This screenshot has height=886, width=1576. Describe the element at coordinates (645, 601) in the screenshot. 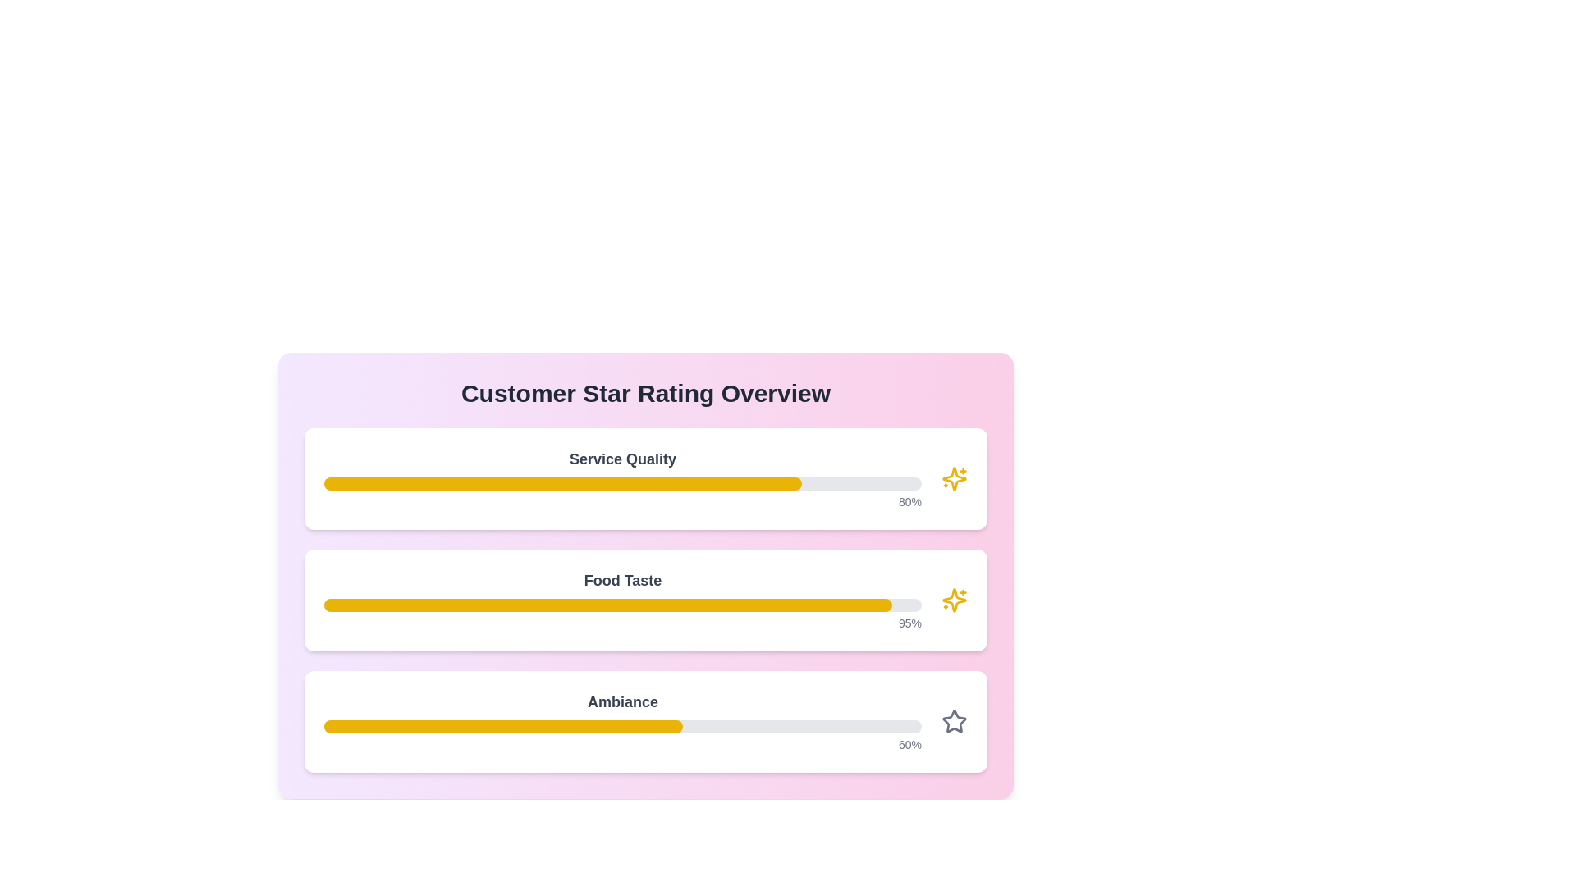

I see `the 'Food Taste' progress bar element, which displays a rating with a percentage and descriptive label, located below the 'Service Quality' element in the 'Customer Star Rating Overview' section` at that location.